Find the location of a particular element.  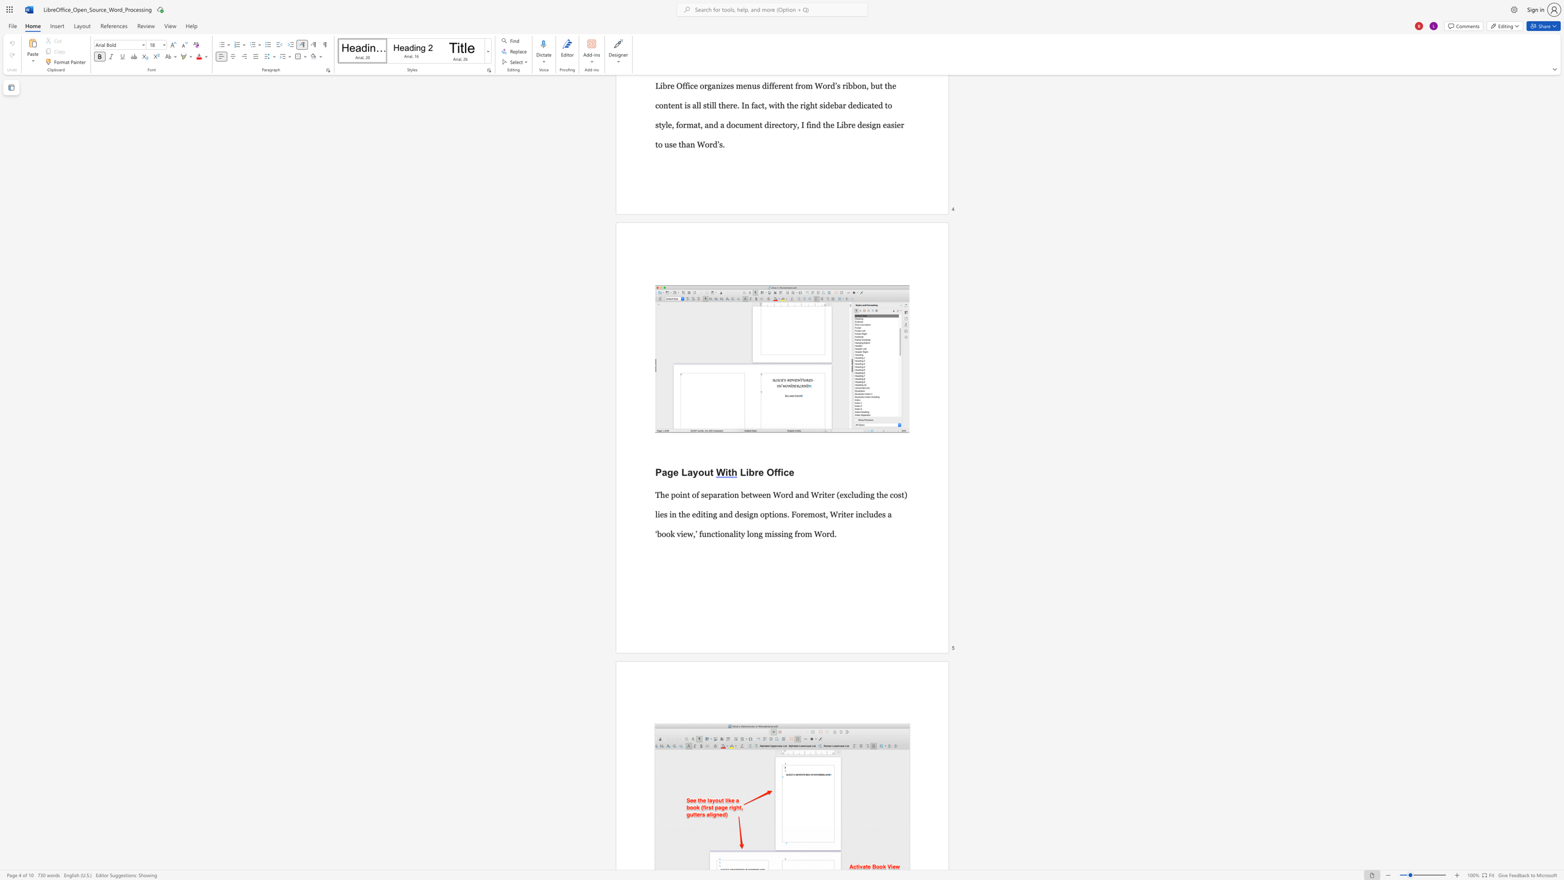

the space between the continuous character "a" and "g" in the text is located at coordinates (667, 471).